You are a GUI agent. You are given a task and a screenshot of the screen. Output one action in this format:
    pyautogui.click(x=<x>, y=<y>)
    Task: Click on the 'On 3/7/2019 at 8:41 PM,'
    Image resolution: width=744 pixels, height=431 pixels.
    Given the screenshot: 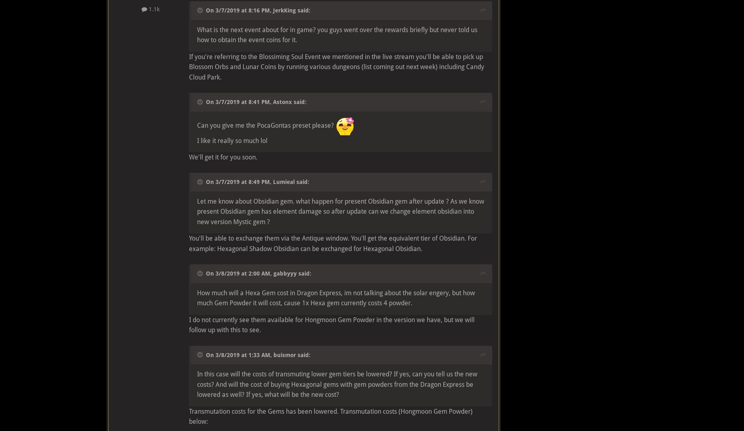 What is the action you would take?
    pyautogui.click(x=239, y=101)
    